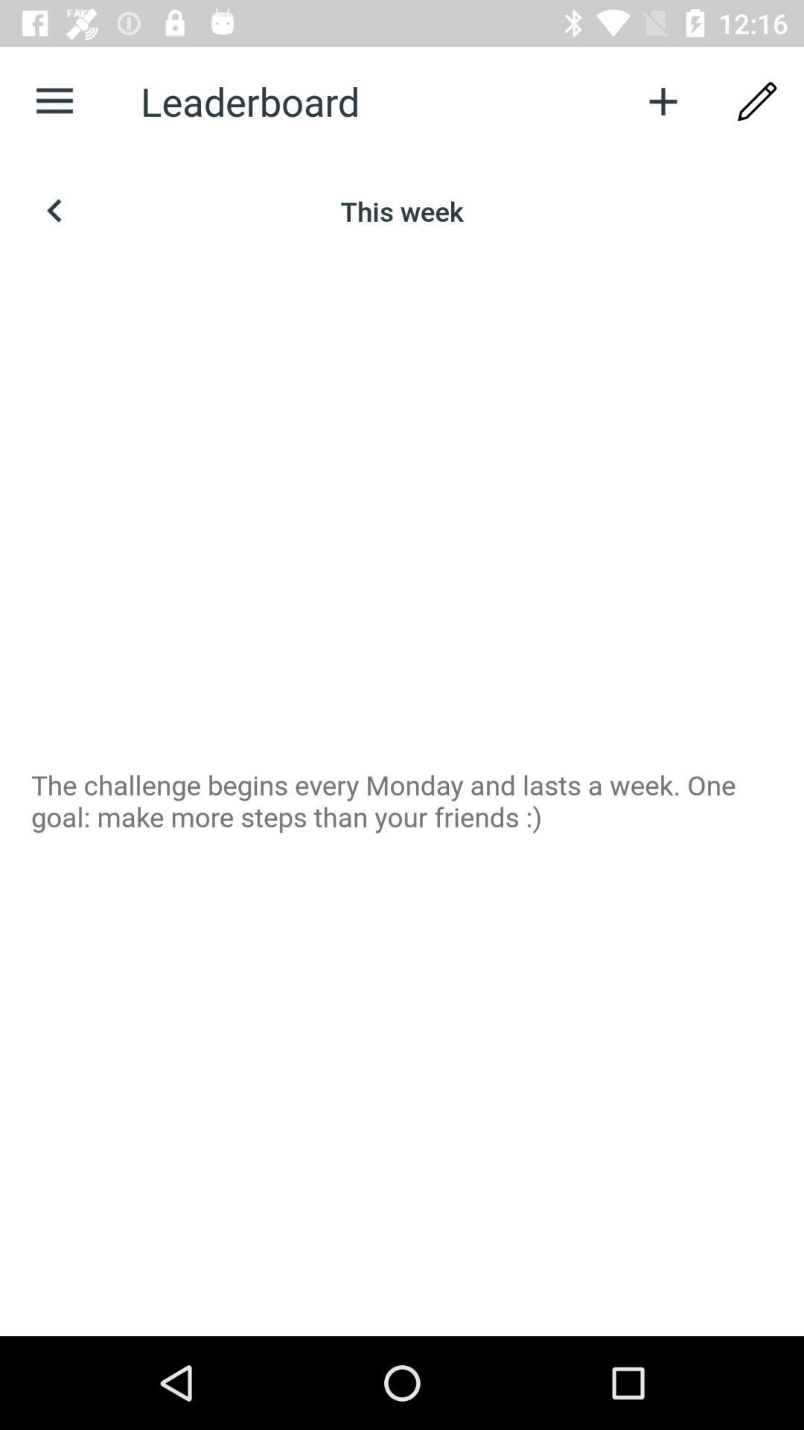 This screenshot has height=1430, width=804. I want to click on the item to the left of the this week icon, so click(54, 210).